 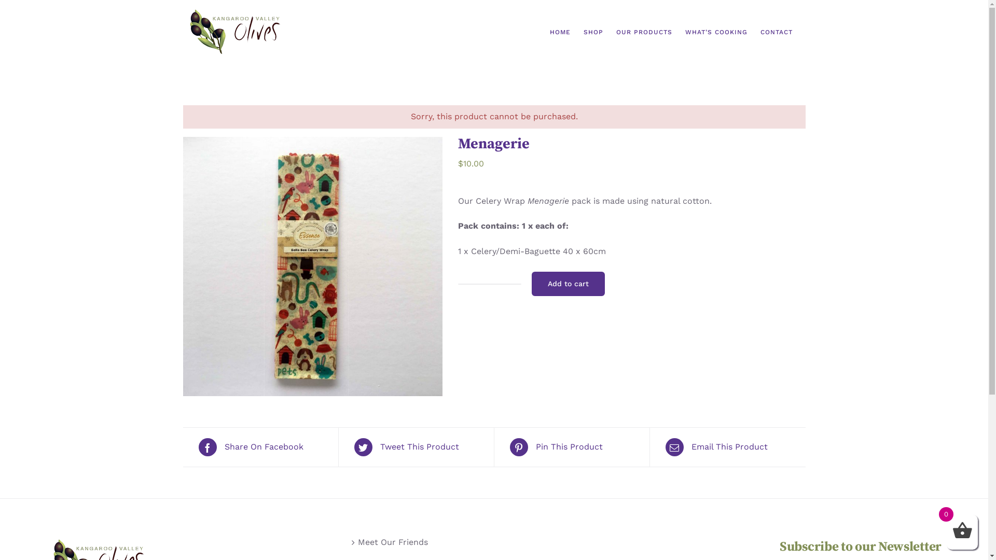 What do you see at coordinates (358, 542) in the screenshot?
I see `'Meet Our Friends'` at bounding box center [358, 542].